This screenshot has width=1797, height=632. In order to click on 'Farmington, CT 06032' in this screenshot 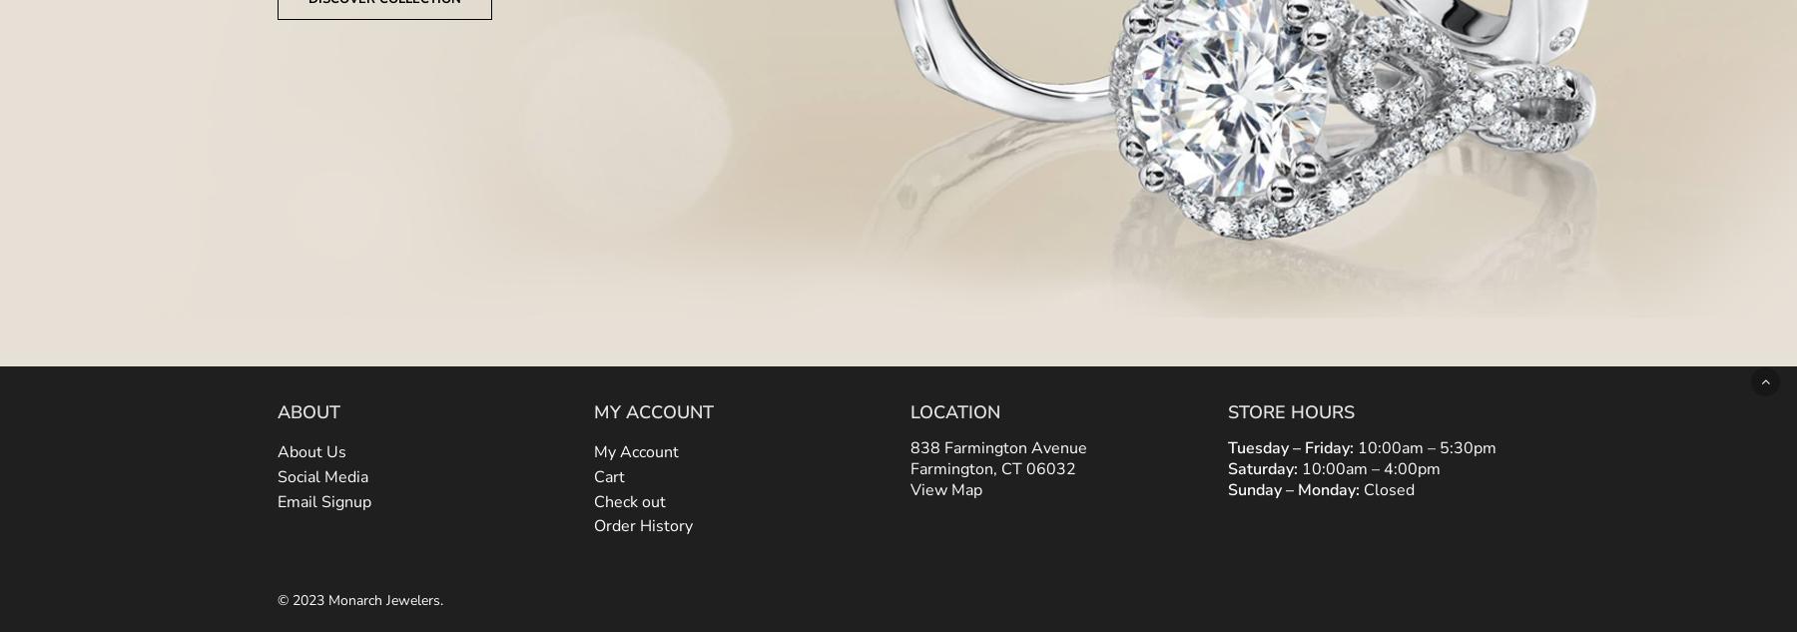, I will do `click(992, 467)`.